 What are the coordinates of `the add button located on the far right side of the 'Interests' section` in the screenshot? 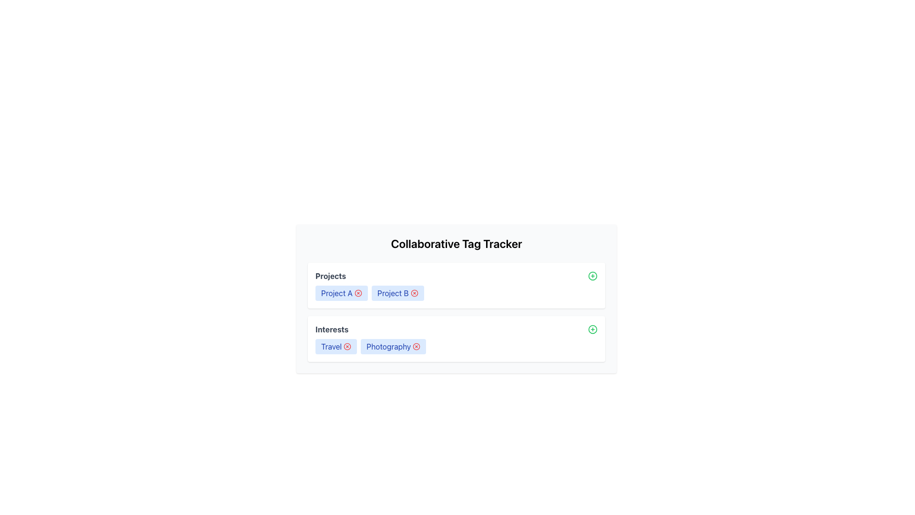 It's located at (592, 329).